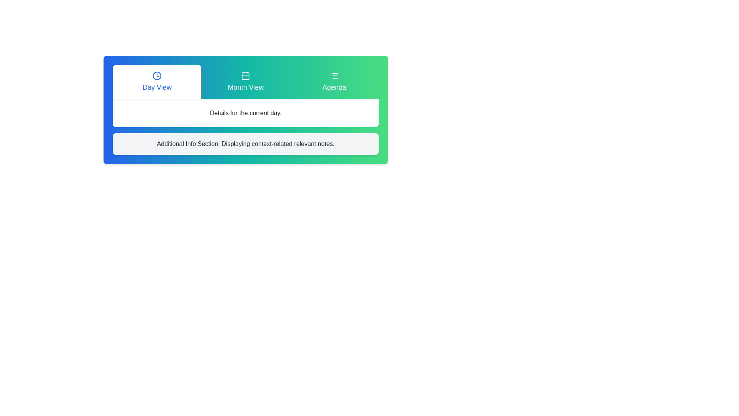 This screenshot has width=739, height=416. What do you see at coordinates (245, 144) in the screenshot?
I see `the additional info section to interact with it` at bounding box center [245, 144].